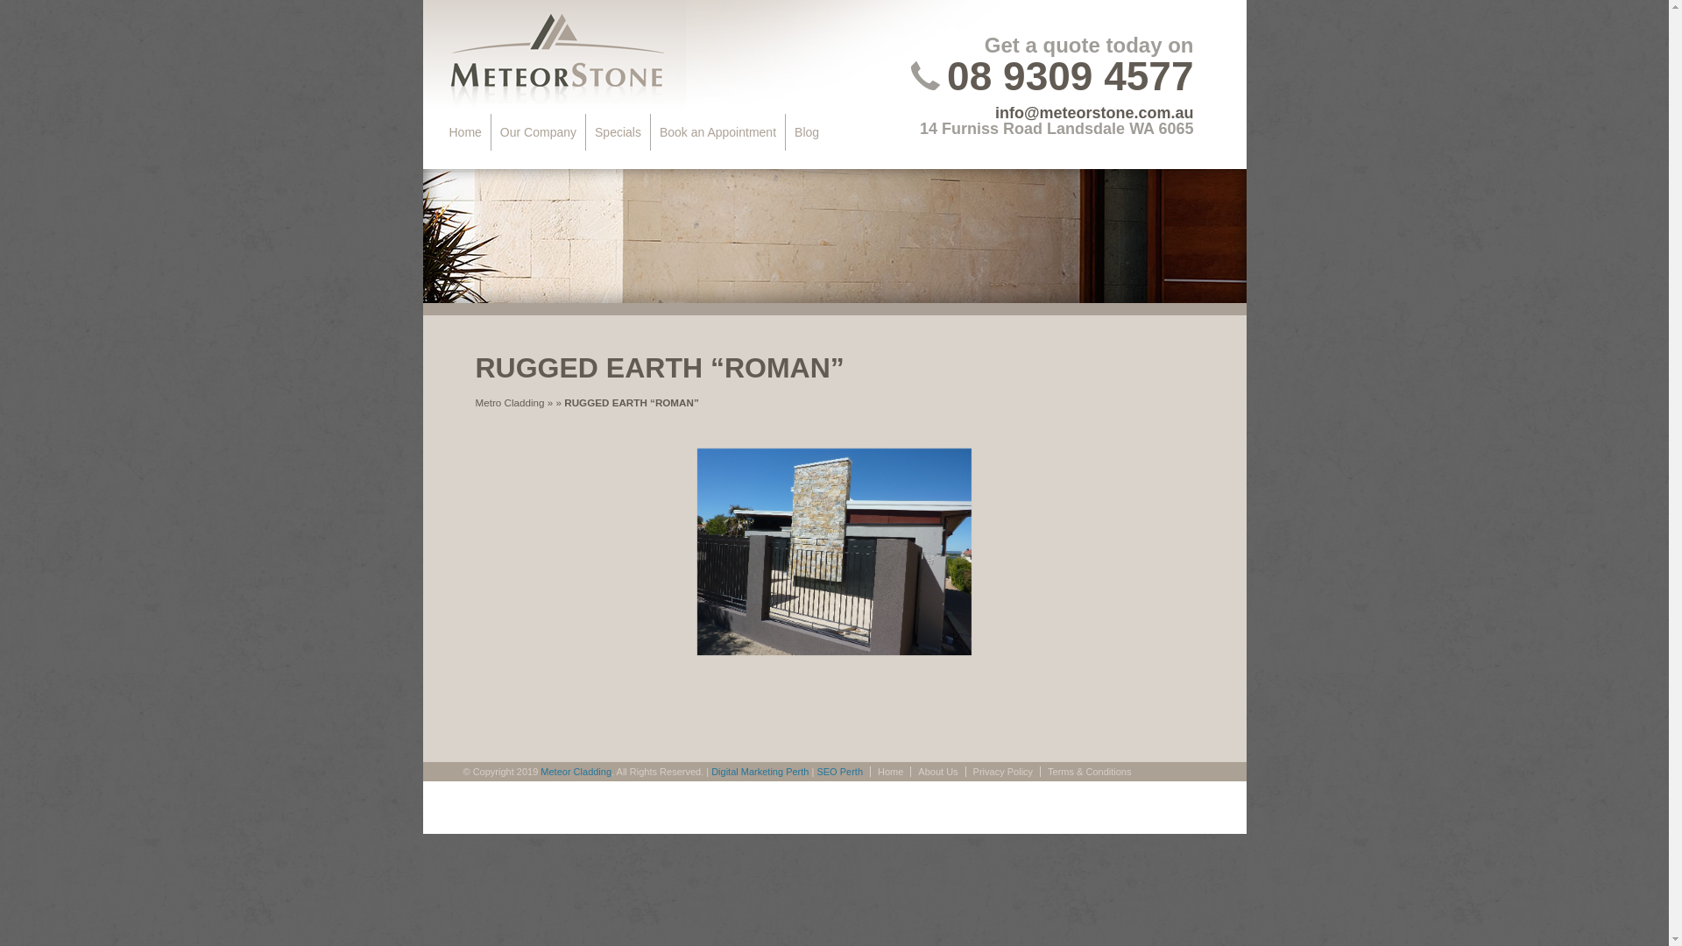 The height and width of the screenshot is (946, 1682). Describe the element at coordinates (806, 131) in the screenshot. I see `'Blog'` at that location.